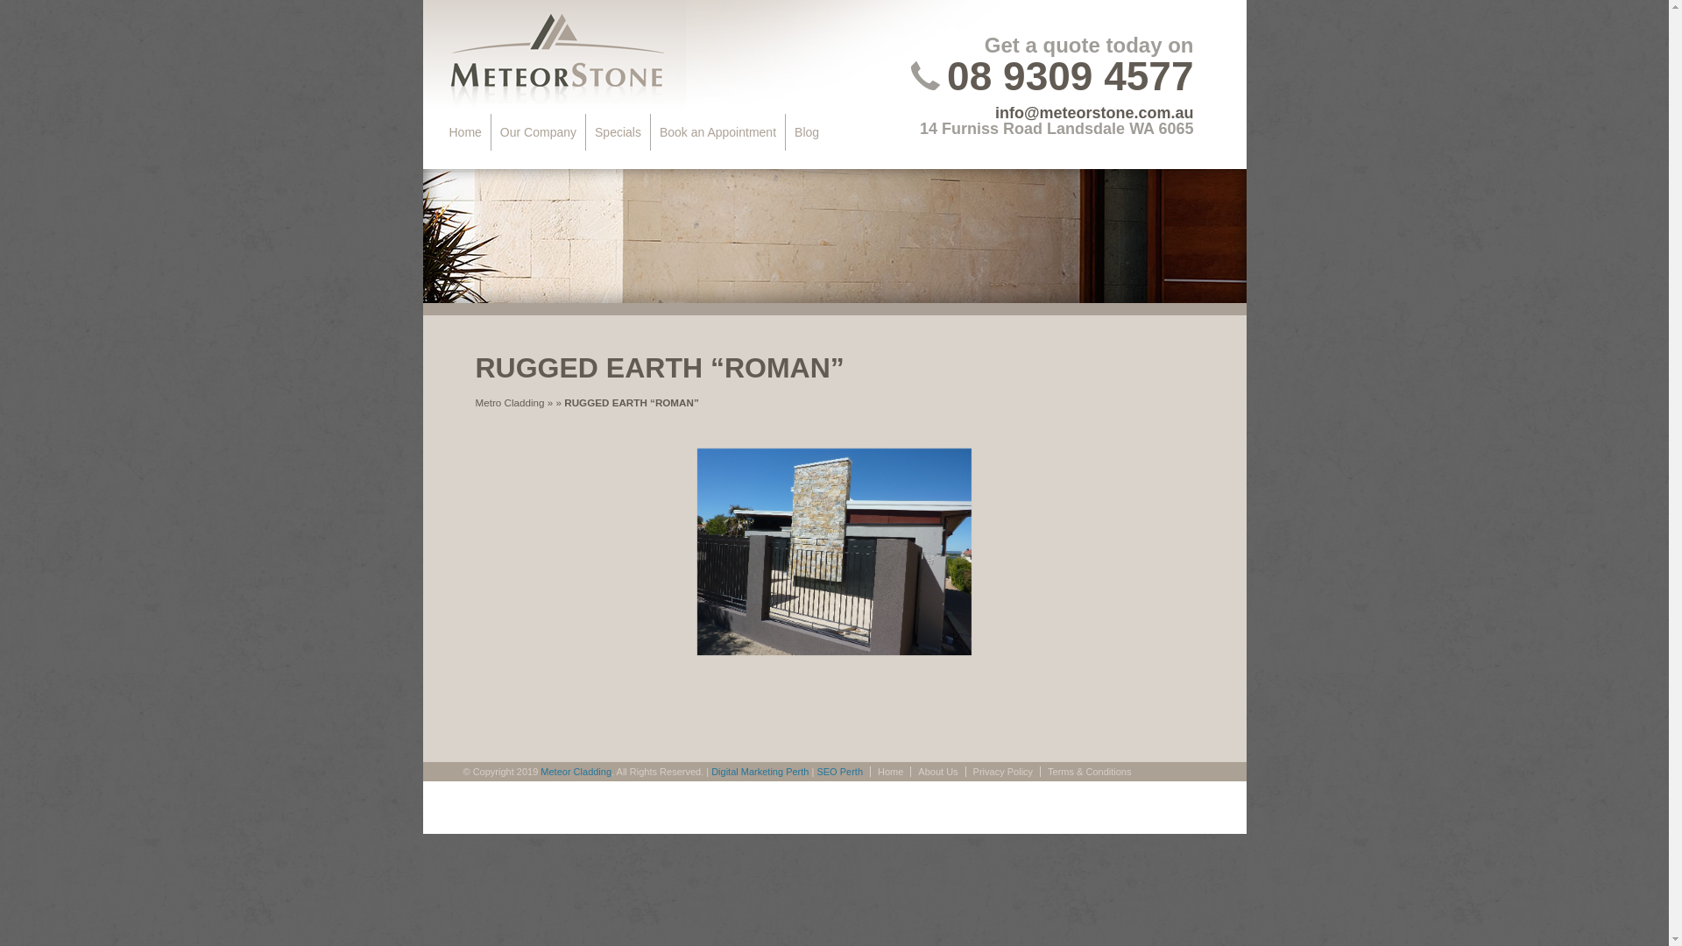 The height and width of the screenshot is (946, 1682). Describe the element at coordinates (806, 131) in the screenshot. I see `'Blog'` at that location.